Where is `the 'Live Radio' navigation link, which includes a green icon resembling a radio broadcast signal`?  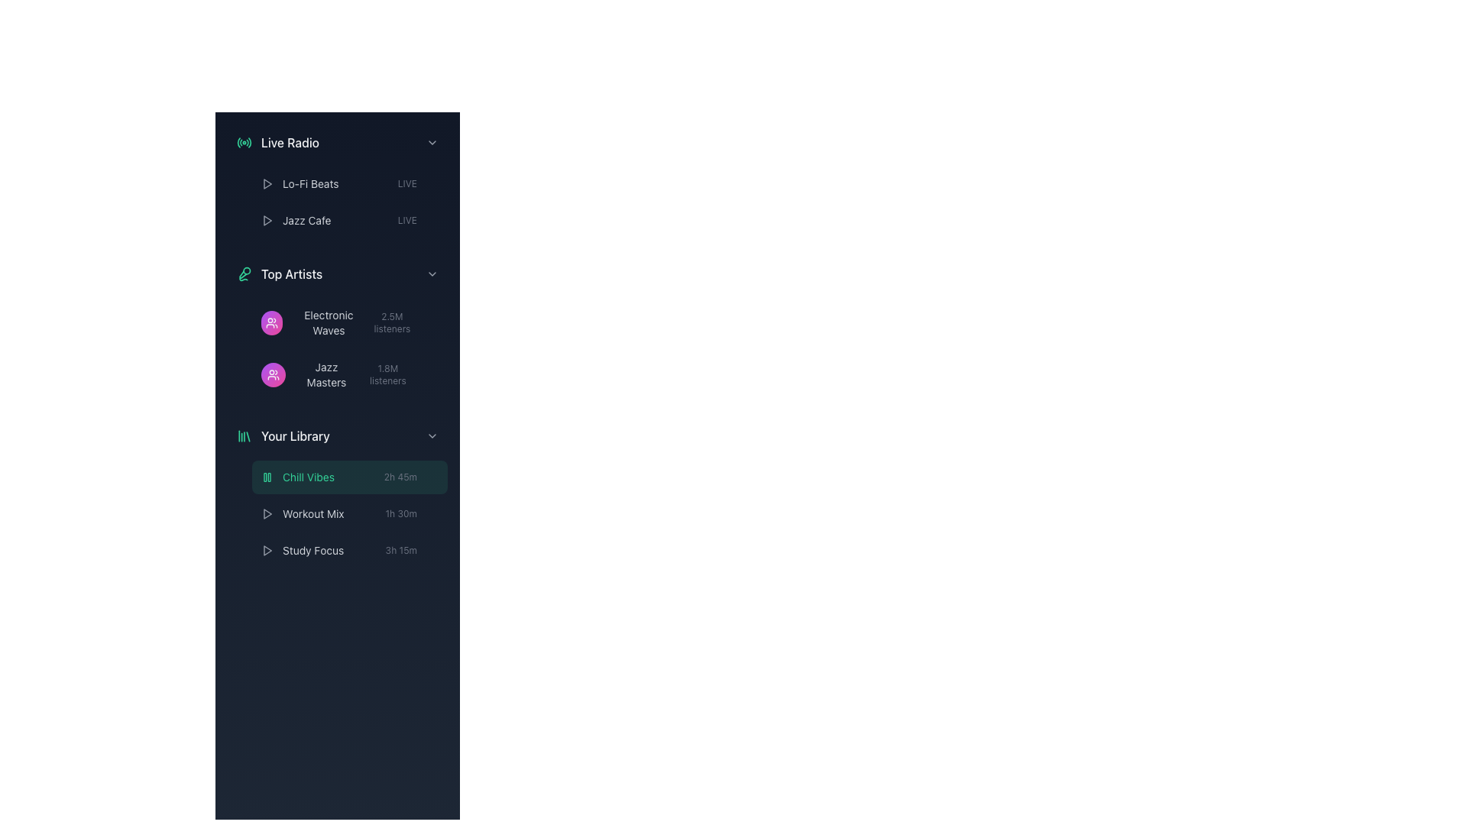 the 'Live Radio' navigation link, which includes a green icon resembling a radio broadcast signal is located at coordinates (278, 142).